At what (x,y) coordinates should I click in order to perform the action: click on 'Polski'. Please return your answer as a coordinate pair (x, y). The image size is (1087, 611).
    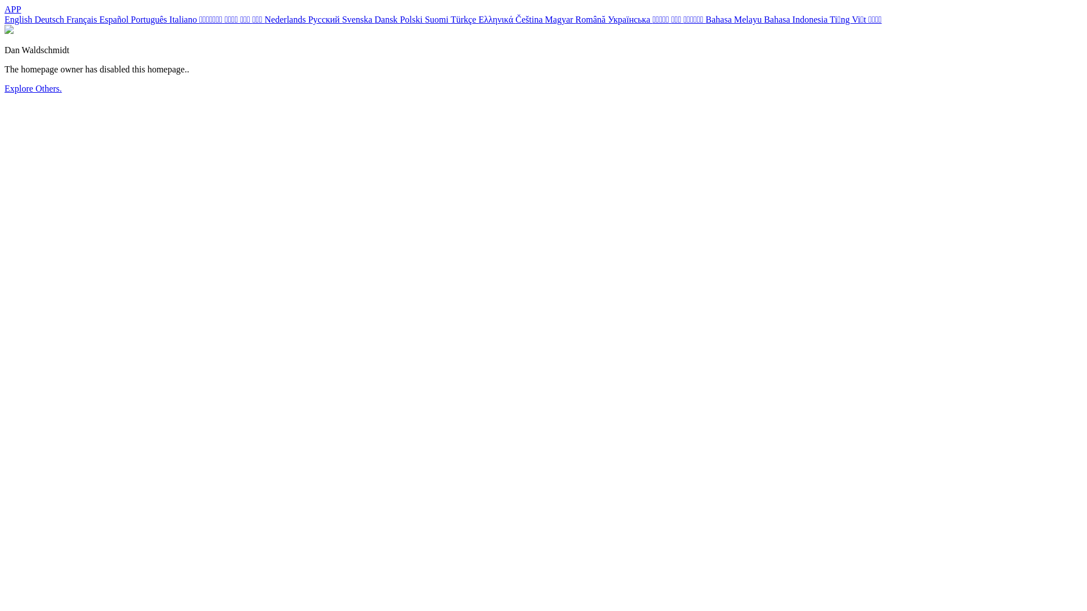
    Looking at the image, I should click on (412, 19).